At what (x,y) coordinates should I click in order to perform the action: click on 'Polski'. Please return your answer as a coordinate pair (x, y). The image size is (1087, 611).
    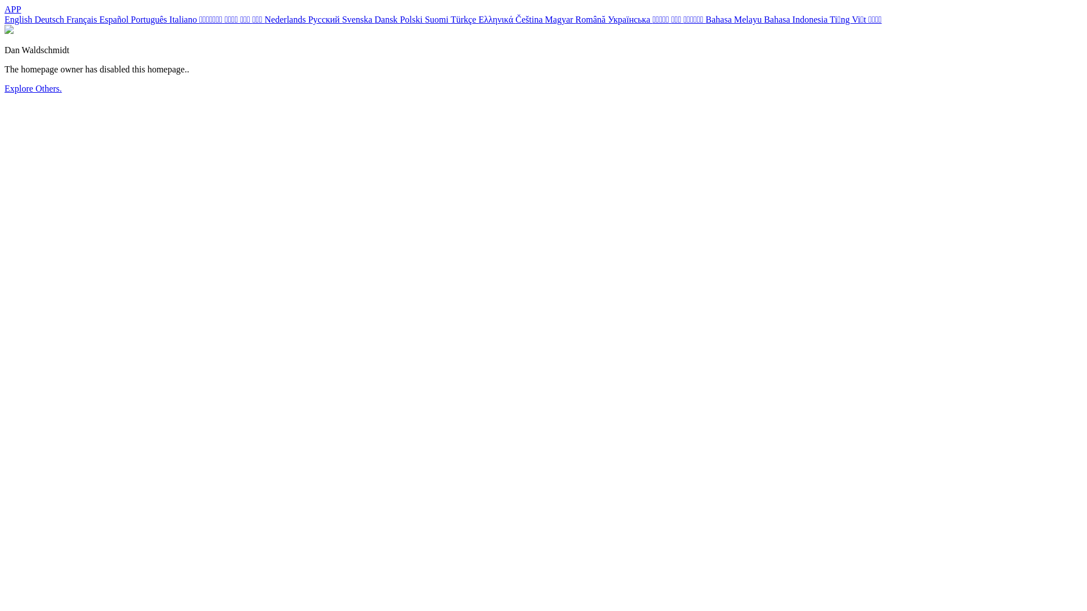
    Looking at the image, I should click on (412, 19).